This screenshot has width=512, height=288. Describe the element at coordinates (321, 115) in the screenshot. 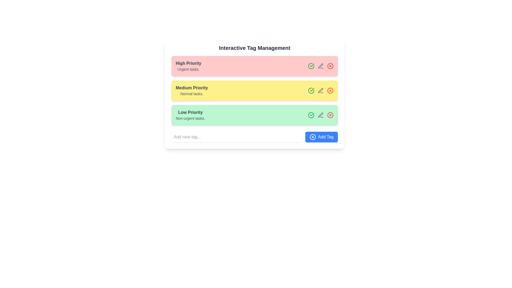

I see `the edit icon in the 'Low Priority' section of the third row` at that location.